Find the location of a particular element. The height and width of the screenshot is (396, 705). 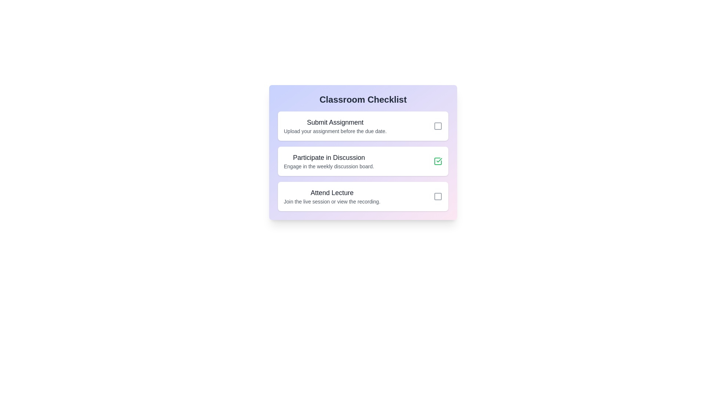

the first checkbox representing the 'Submit Assignment' task in the upper right region of the checklist is located at coordinates (438, 125).